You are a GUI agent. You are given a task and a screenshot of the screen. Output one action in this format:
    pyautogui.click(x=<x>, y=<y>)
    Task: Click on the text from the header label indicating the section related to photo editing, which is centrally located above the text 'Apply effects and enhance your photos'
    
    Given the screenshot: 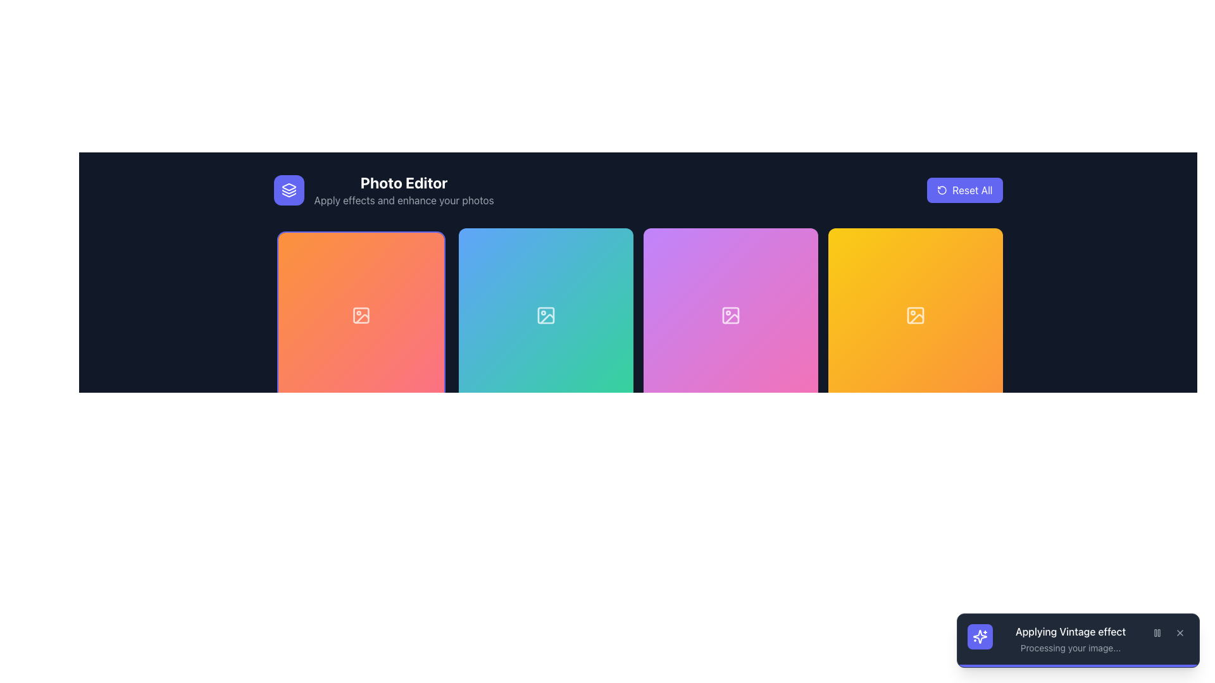 What is the action you would take?
    pyautogui.click(x=403, y=183)
    